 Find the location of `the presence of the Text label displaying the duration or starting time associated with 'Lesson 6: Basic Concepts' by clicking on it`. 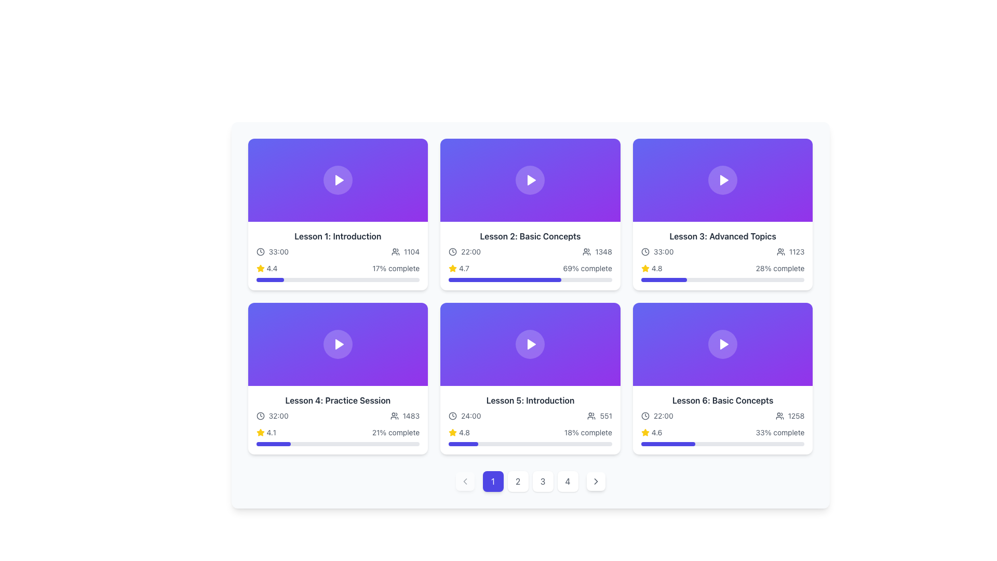

the presence of the Text label displaying the duration or starting time associated with 'Lesson 6: Basic Concepts' by clicking on it is located at coordinates (656, 416).